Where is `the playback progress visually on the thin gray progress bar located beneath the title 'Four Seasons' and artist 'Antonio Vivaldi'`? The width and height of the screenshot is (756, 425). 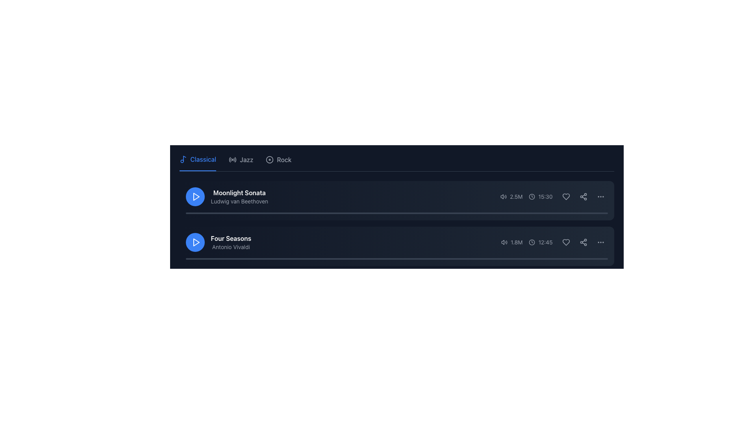 the playback progress visually on the thin gray progress bar located beneath the title 'Four Seasons' and artist 'Antonio Vivaldi' is located at coordinates (397, 259).